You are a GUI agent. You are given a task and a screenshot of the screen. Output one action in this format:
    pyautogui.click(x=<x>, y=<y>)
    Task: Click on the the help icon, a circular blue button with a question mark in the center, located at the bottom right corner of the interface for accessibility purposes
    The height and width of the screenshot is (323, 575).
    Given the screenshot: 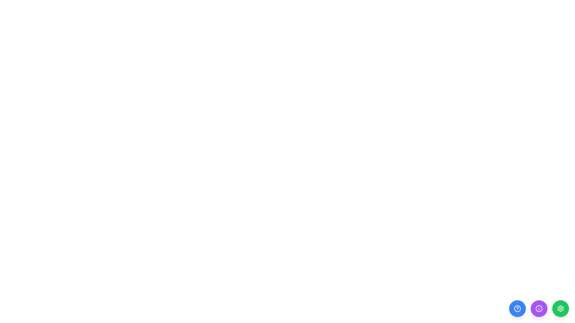 What is the action you would take?
    pyautogui.click(x=517, y=309)
    